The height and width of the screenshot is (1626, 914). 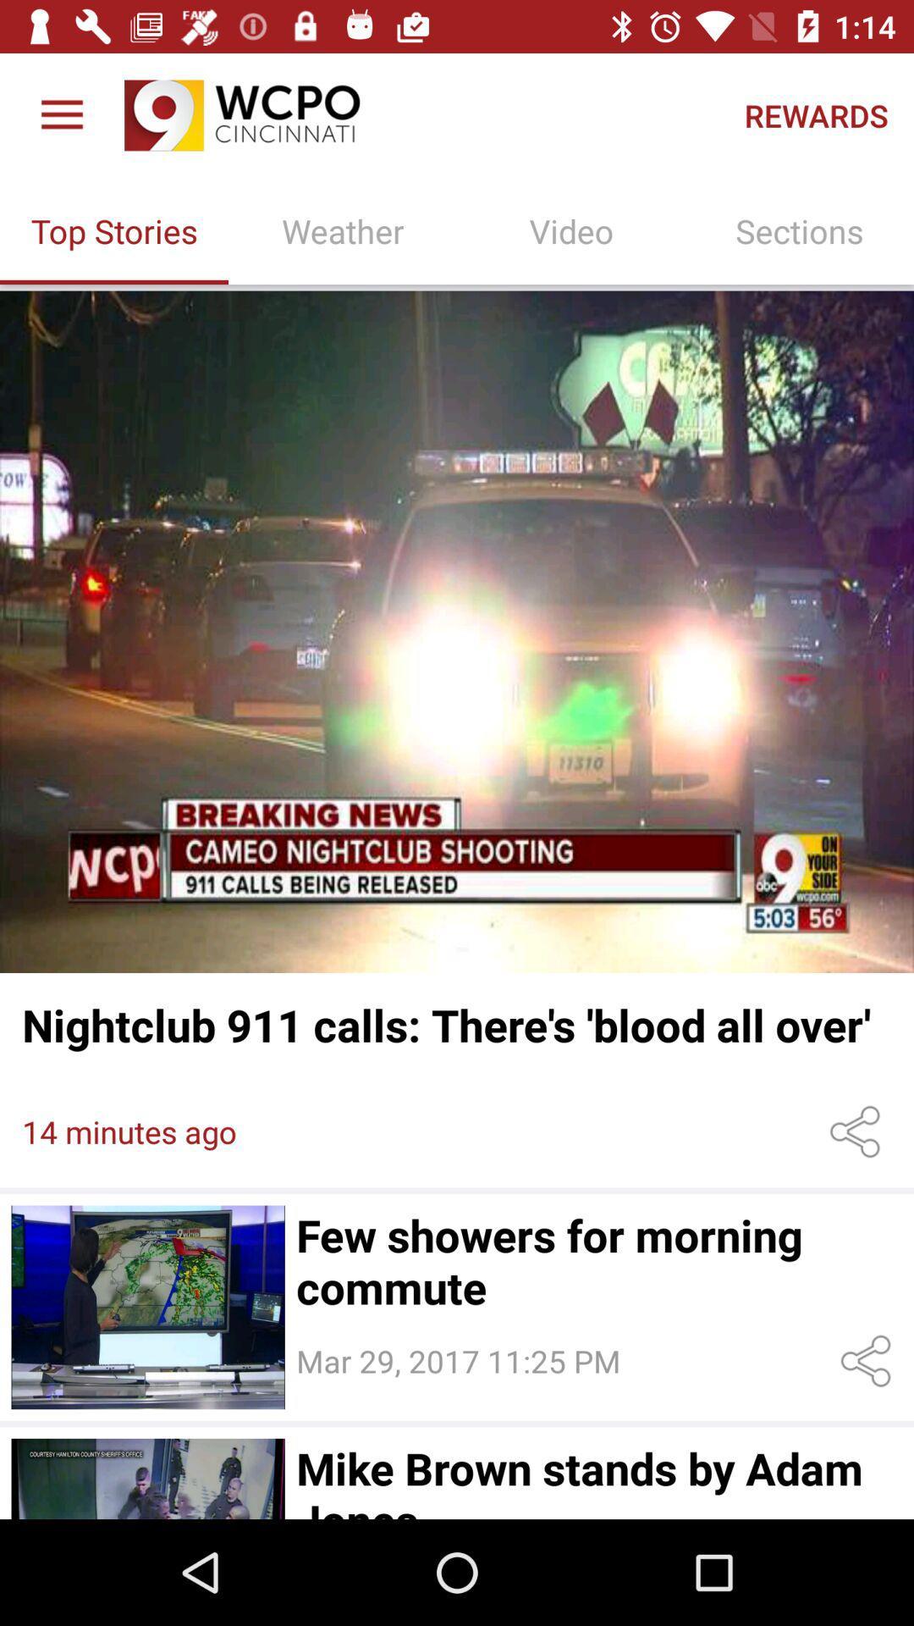 What do you see at coordinates (815, 114) in the screenshot?
I see `item above sections` at bounding box center [815, 114].